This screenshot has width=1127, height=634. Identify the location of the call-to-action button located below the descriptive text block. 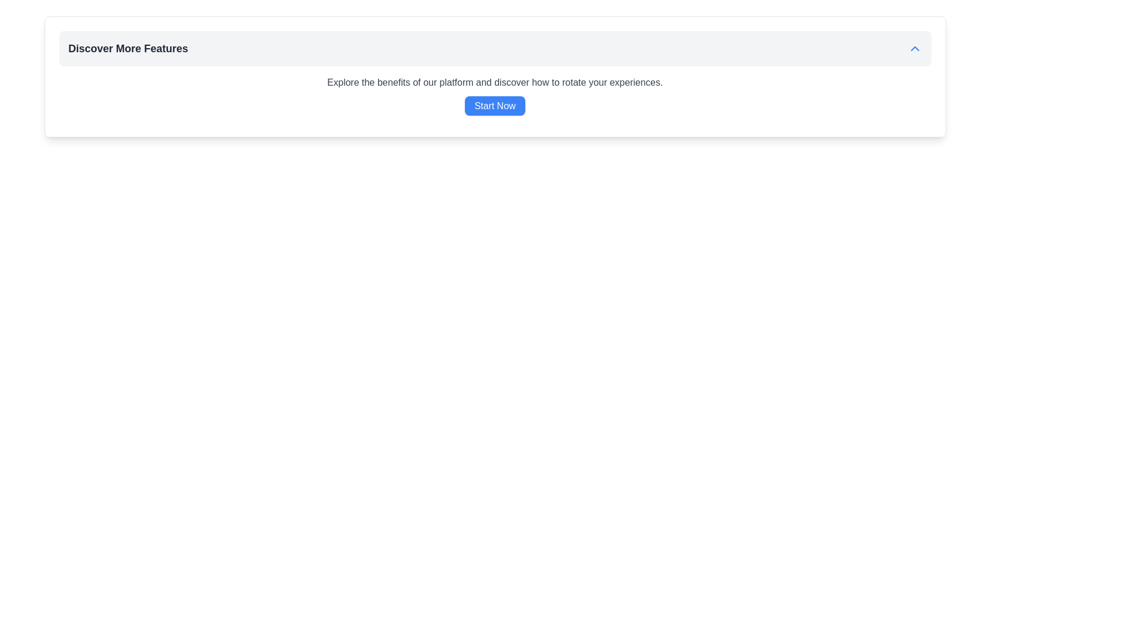
(495, 106).